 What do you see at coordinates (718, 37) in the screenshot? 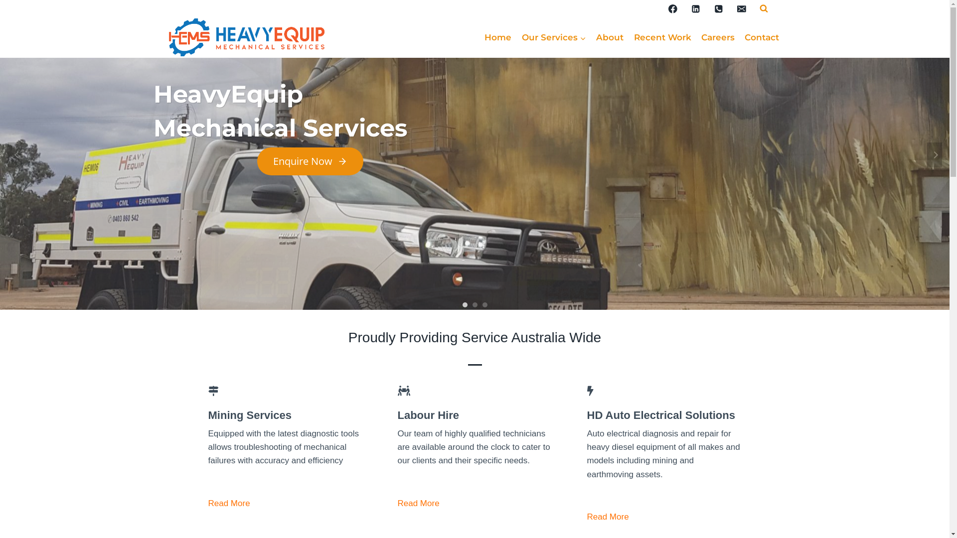
I see `'Careers'` at bounding box center [718, 37].